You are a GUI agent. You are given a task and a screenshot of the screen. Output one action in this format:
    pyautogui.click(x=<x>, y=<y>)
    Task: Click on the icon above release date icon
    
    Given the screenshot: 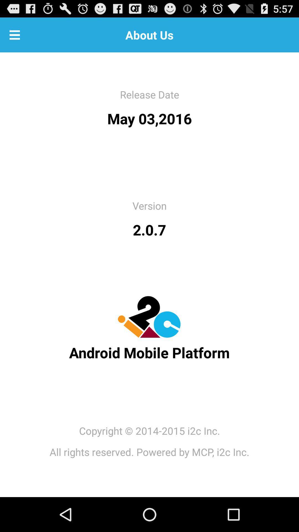 What is the action you would take?
    pyautogui.click(x=14, y=34)
    